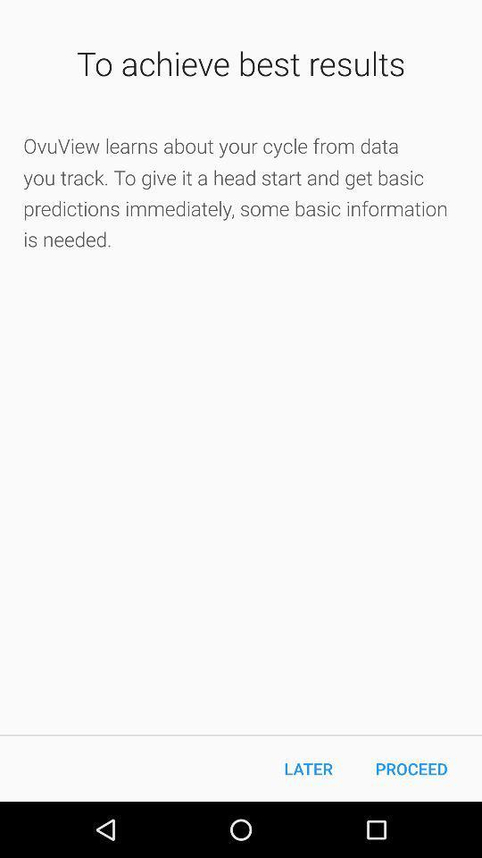 The height and width of the screenshot is (858, 482). I want to click on the later icon, so click(307, 768).